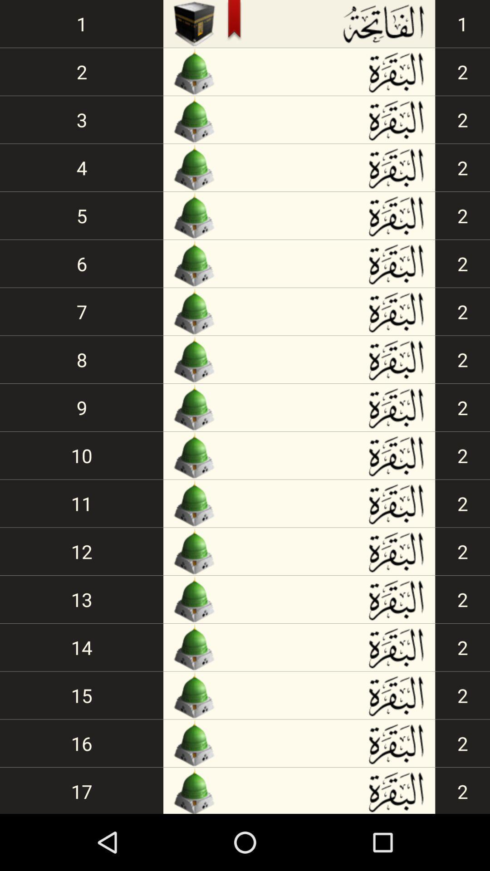  Describe the element at coordinates (82, 407) in the screenshot. I see `the 9` at that location.